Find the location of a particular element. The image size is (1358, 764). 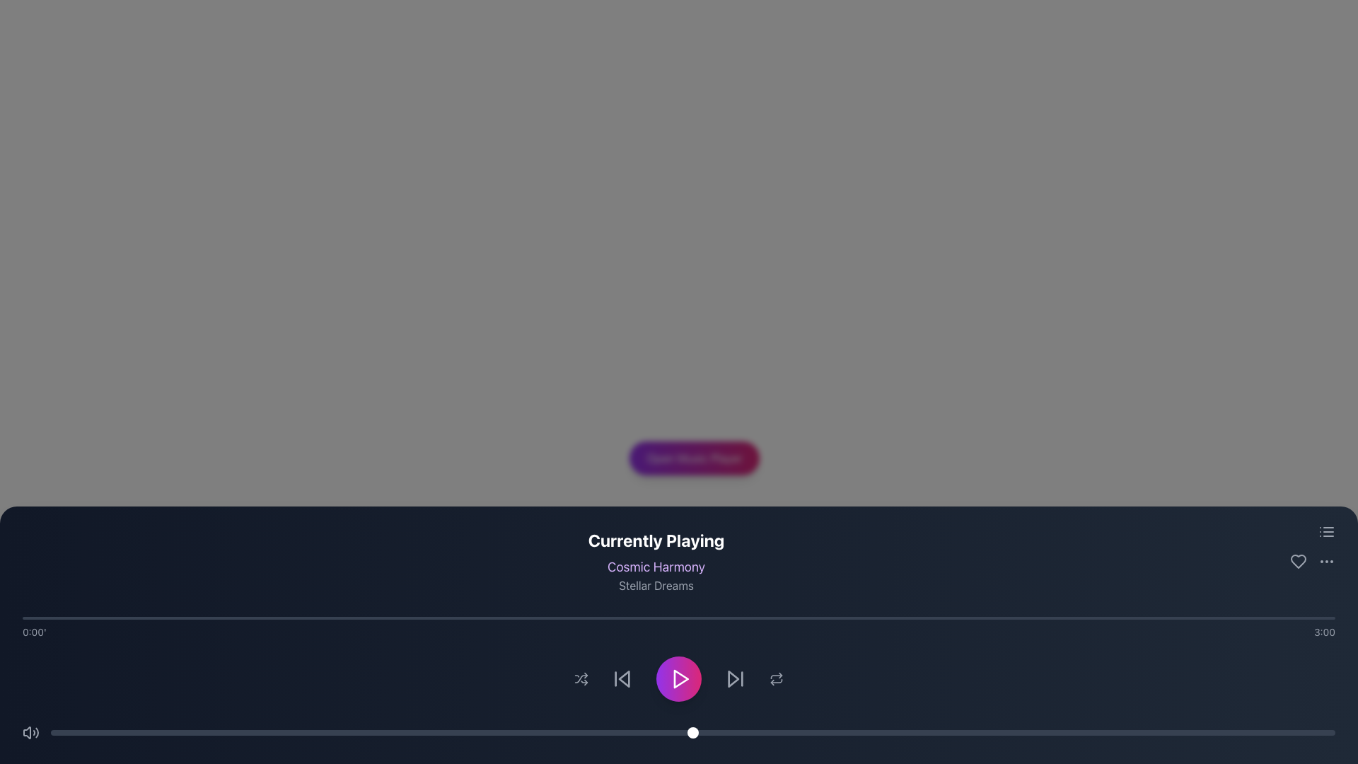

the text element displaying 'Cosmic Harmony' which is centered below the header 'Currently Playing' and above 'Stellar Dreams' is located at coordinates (655, 567).